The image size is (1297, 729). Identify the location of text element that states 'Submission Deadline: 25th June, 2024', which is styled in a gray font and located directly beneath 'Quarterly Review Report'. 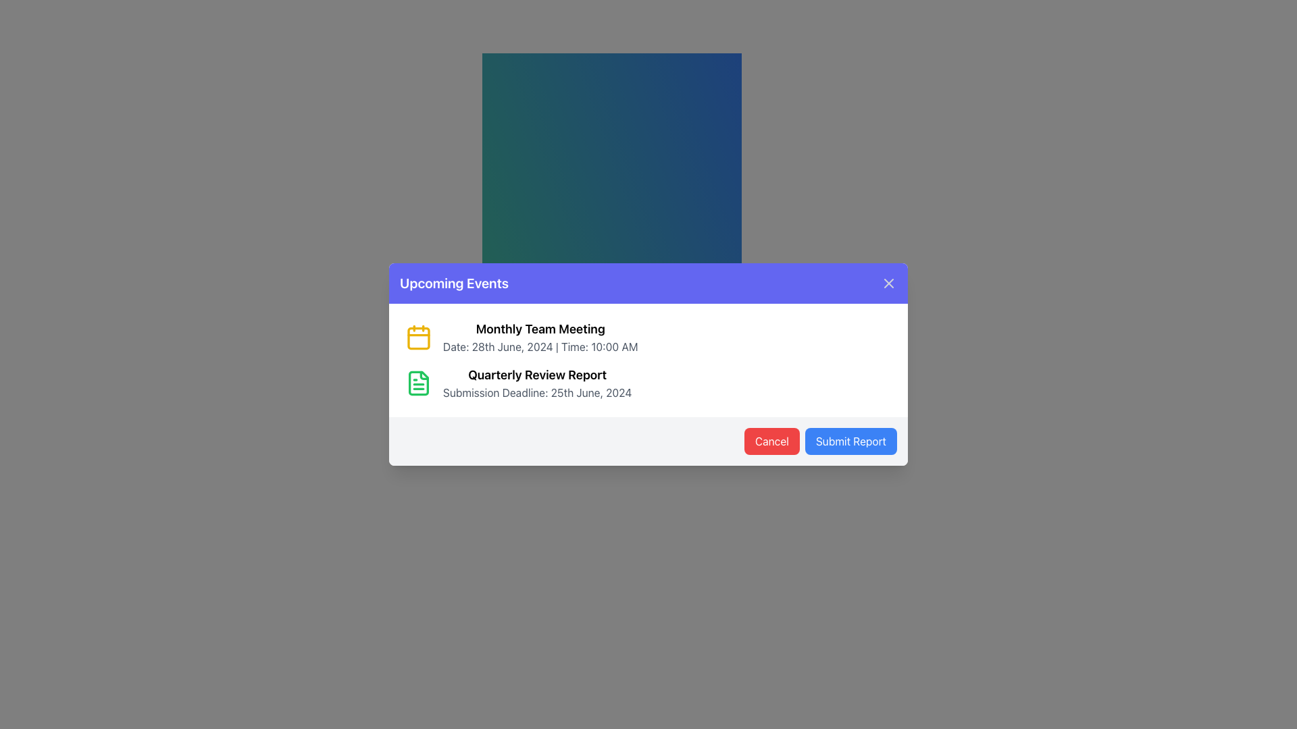
(536, 393).